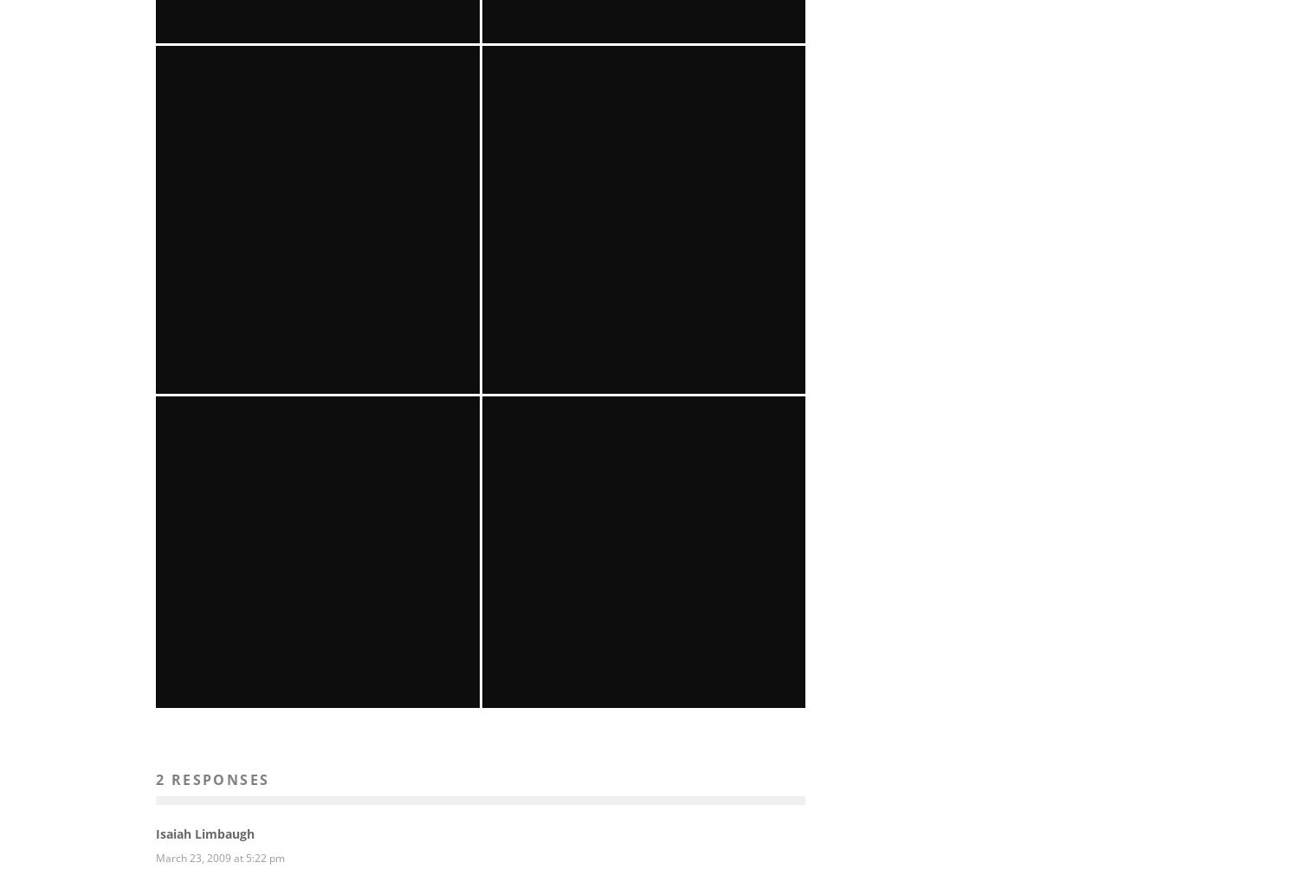 The width and height of the screenshot is (1299, 875). I want to click on 'Going On in NYC', so click(317, 775).